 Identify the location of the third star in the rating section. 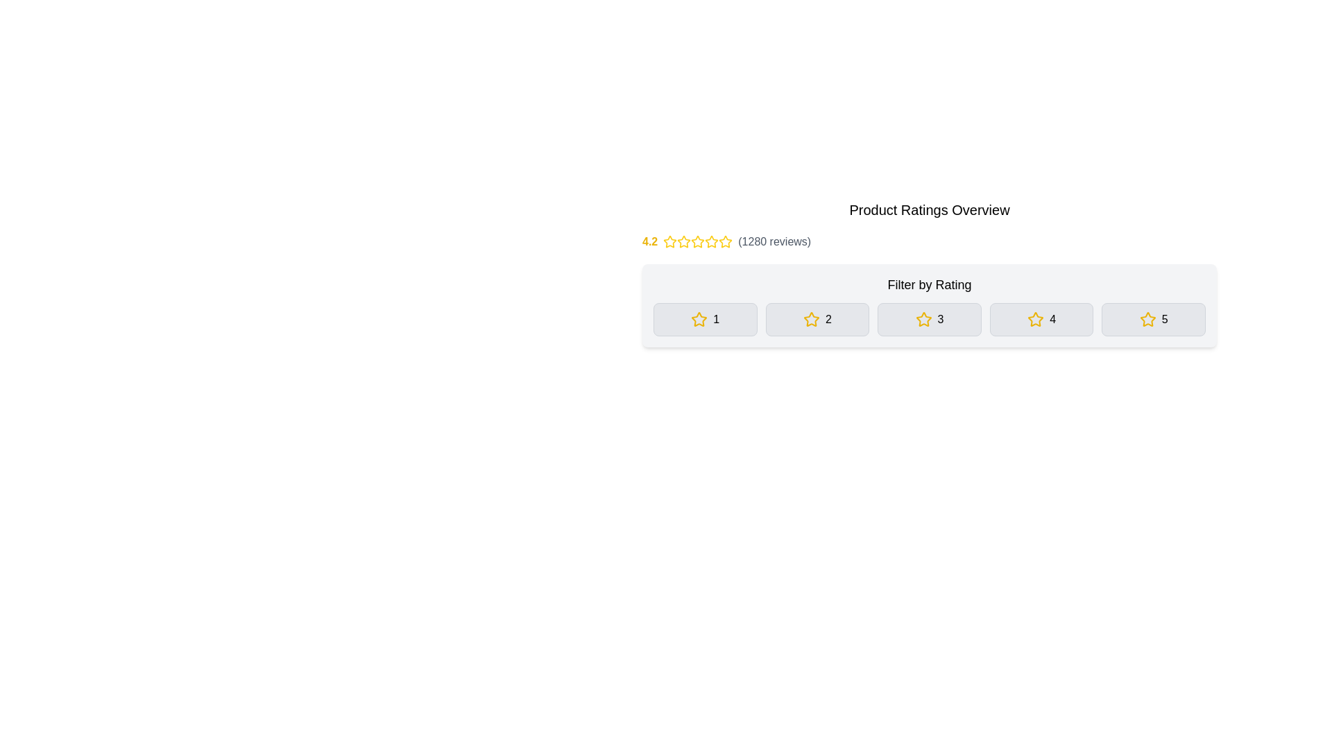
(712, 241).